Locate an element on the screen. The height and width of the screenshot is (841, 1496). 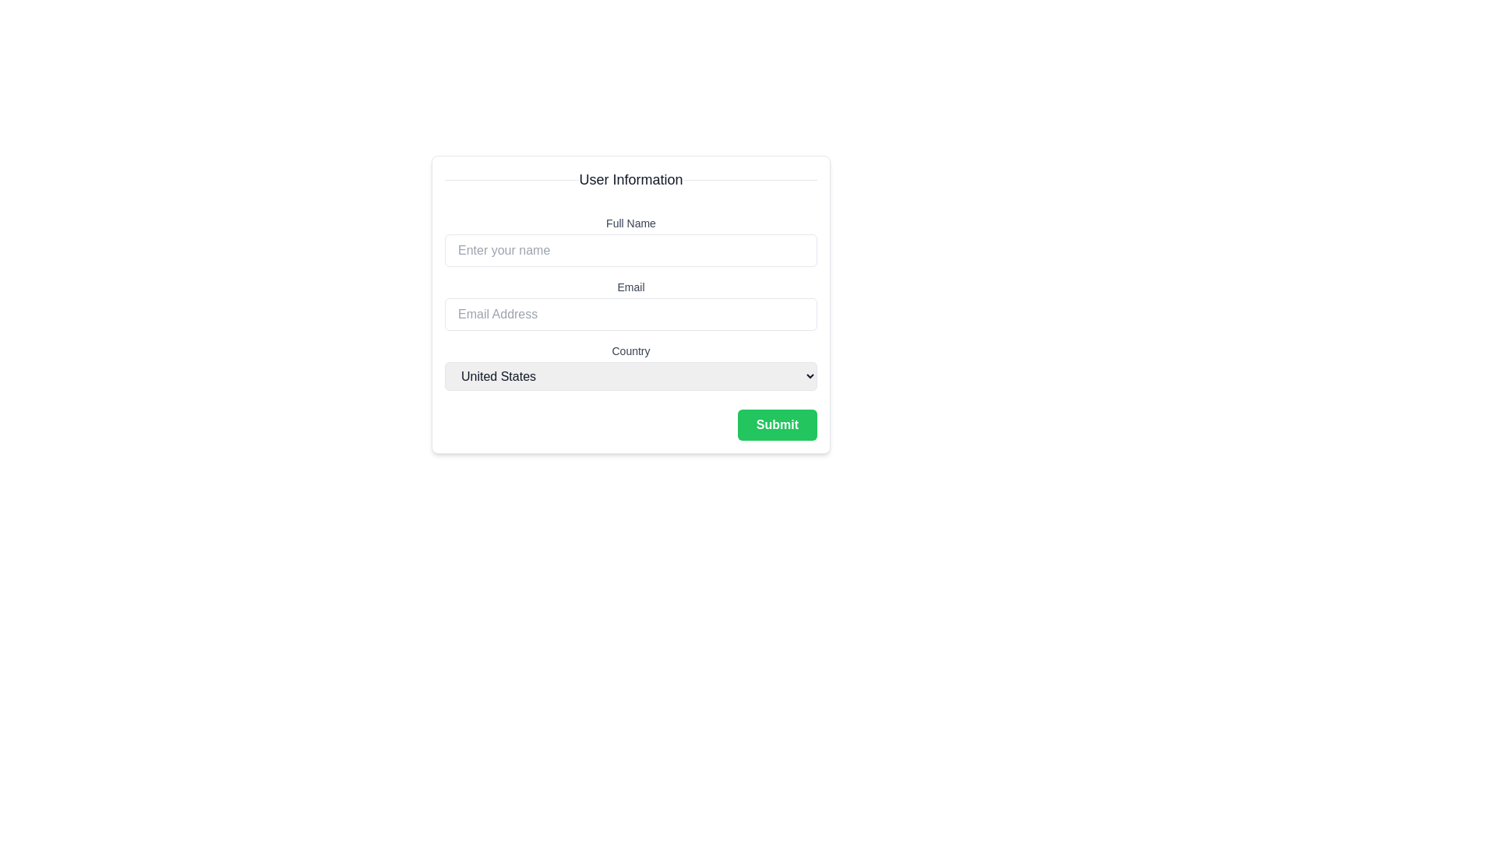
text into the rectangular text input field labeled 'Enter your name', which is located below the 'Full Name' label in the 'User Information' section is located at coordinates (631, 249).